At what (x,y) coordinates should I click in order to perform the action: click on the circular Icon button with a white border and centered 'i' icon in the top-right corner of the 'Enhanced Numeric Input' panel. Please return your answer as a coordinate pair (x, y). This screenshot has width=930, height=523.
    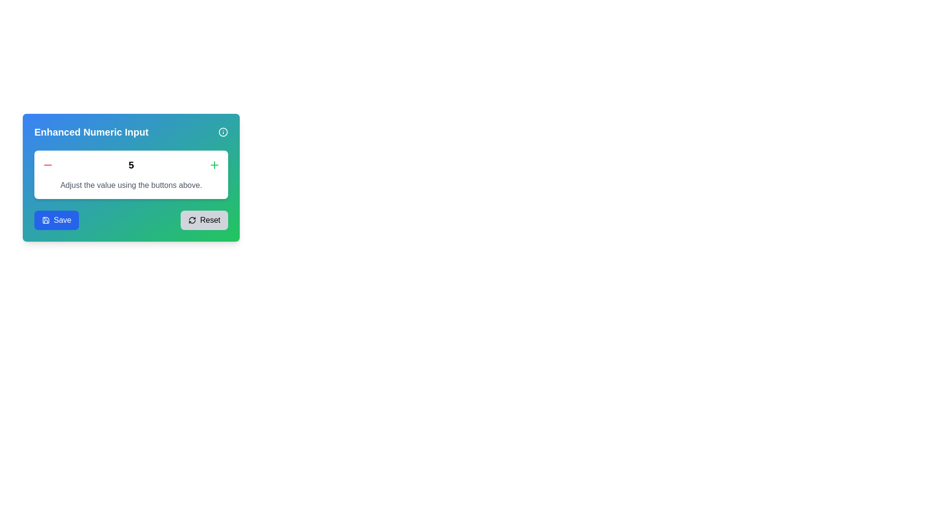
    Looking at the image, I should click on (222, 132).